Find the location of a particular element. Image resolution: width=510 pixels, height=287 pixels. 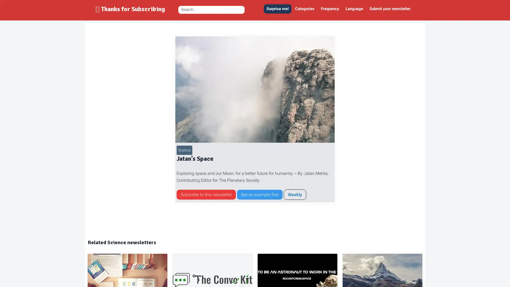

Zoek is located at coordinates (244, 9).